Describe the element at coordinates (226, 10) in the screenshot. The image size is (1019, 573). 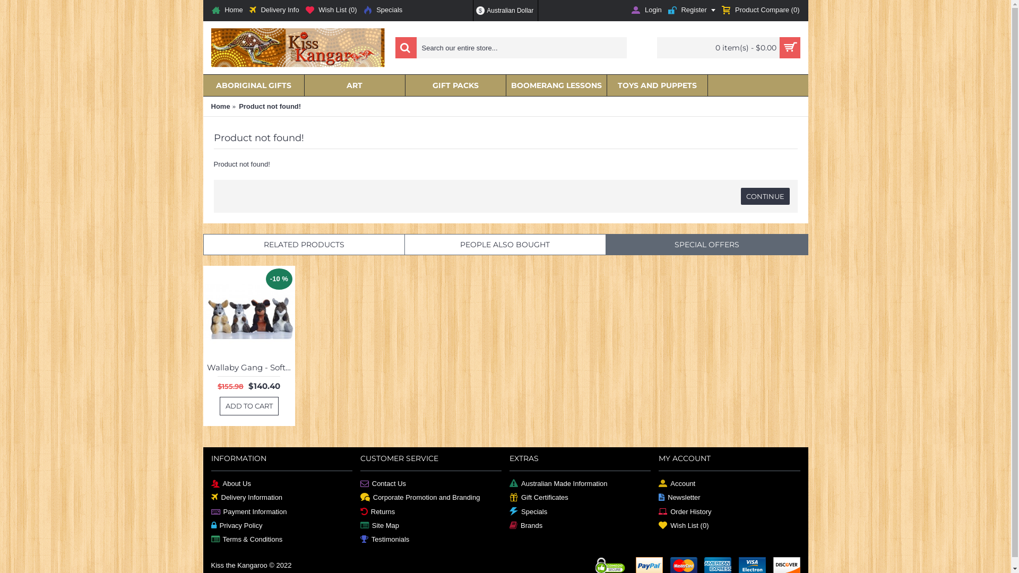
I see `'Home'` at that location.